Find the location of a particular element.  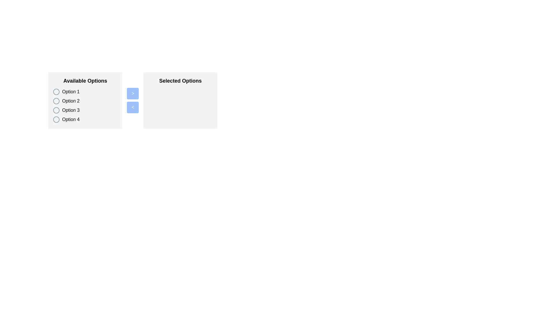

the first radio button in the 'Available Options' section is located at coordinates (56, 91).